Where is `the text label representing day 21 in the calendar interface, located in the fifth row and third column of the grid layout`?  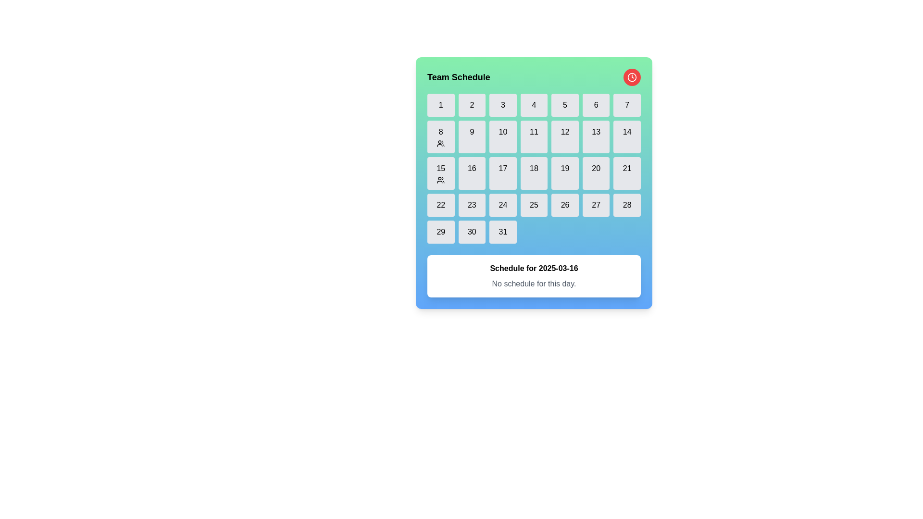 the text label representing day 21 in the calendar interface, located in the fifth row and third column of the grid layout is located at coordinates (627, 168).